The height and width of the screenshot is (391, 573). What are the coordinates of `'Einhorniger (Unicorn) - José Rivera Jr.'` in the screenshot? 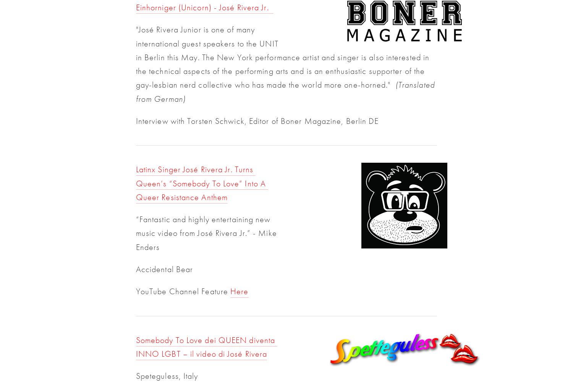 It's located at (204, 7).